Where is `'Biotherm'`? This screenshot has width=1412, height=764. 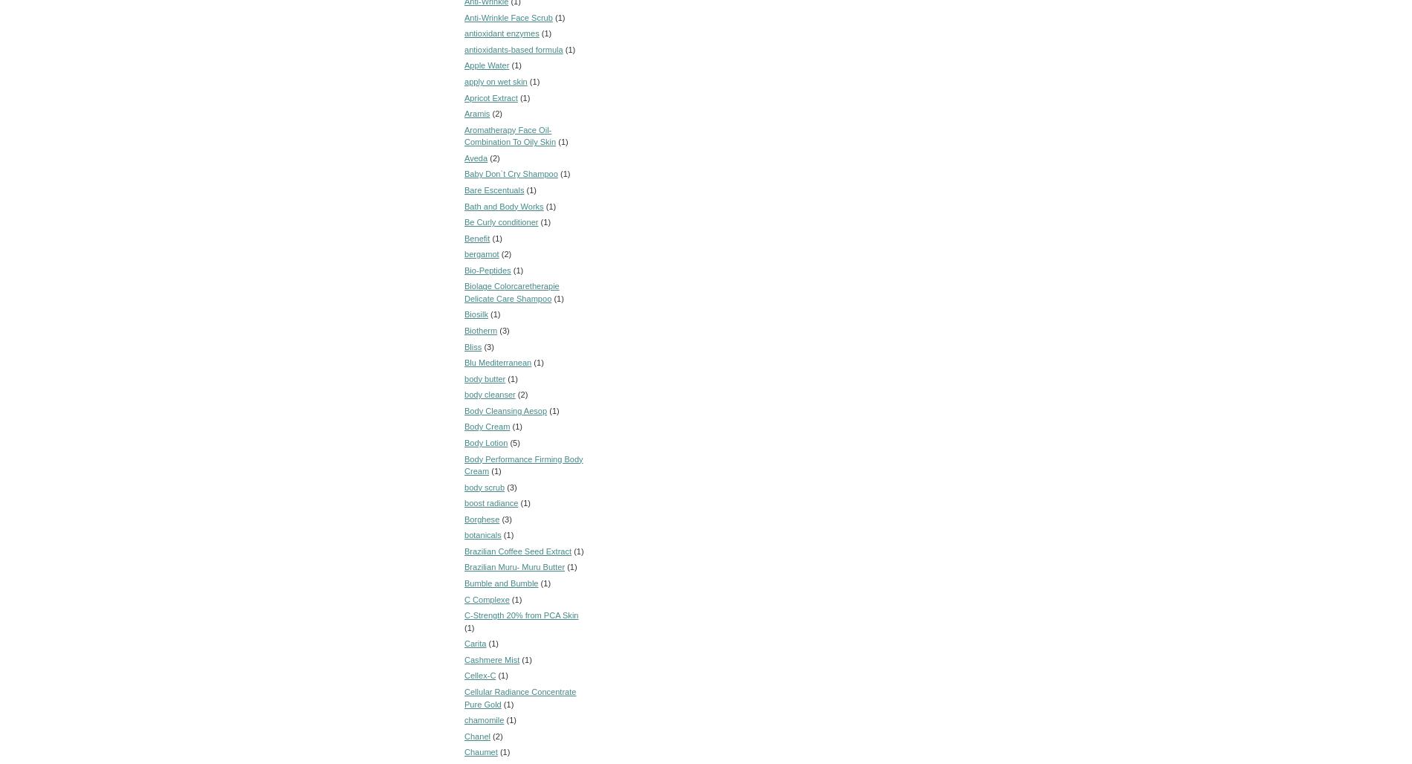 'Biotherm' is located at coordinates (464, 331).